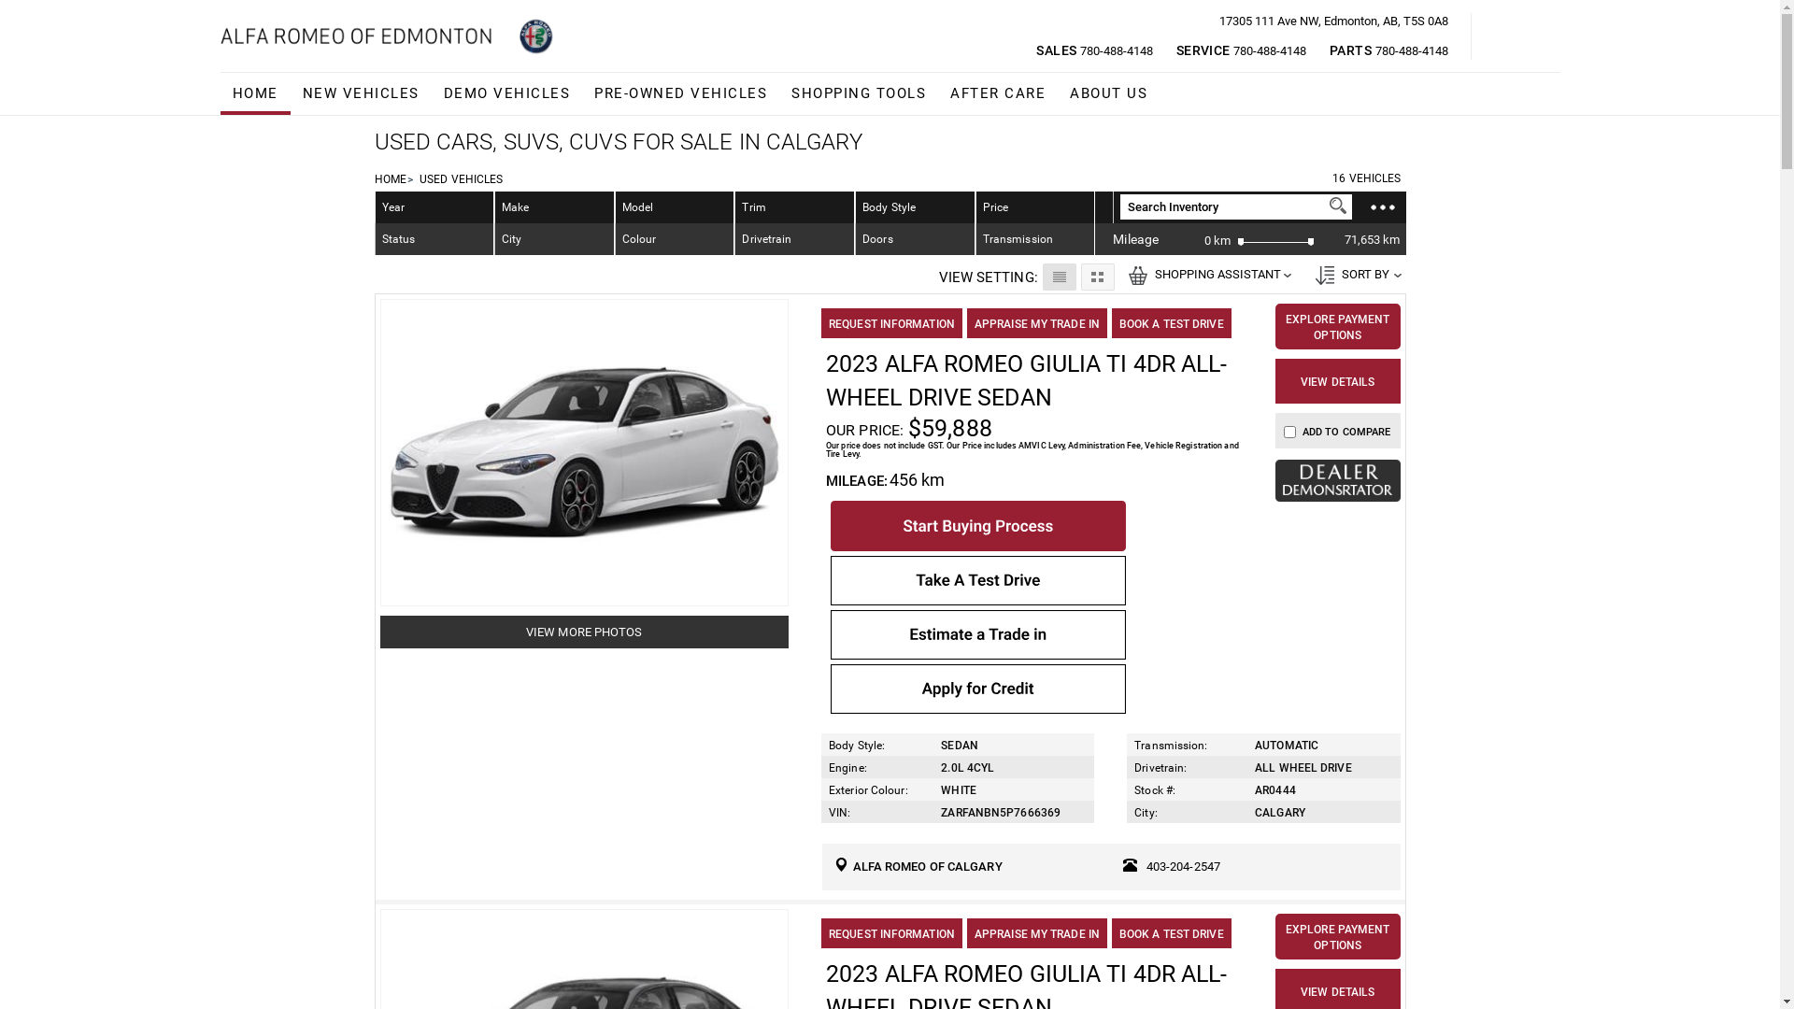 The image size is (1794, 1009). What do you see at coordinates (434, 237) in the screenshot?
I see `'Status'` at bounding box center [434, 237].